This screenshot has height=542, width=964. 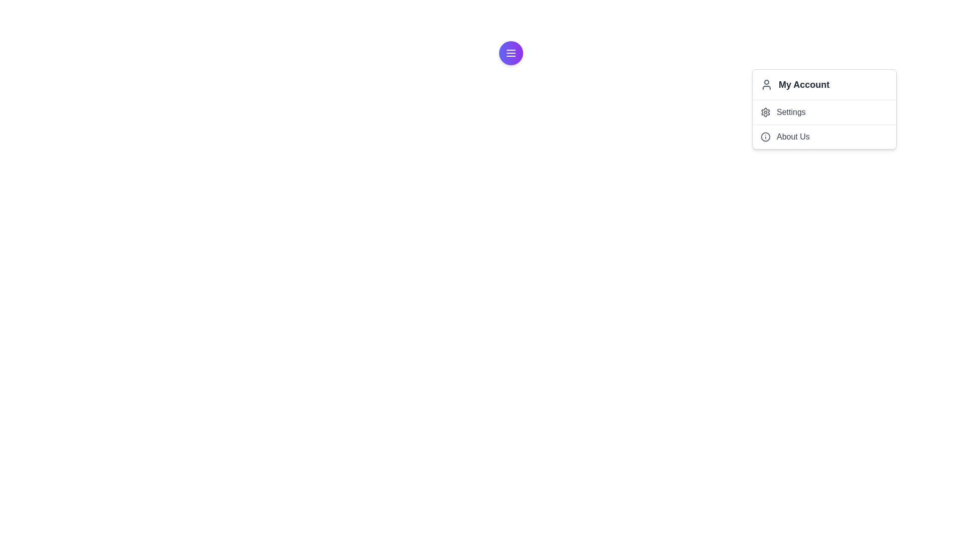 I want to click on the circular informational icon with a gray outline located to the left of the 'About Us' section to highlight or activate its menu option, so click(x=765, y=137).